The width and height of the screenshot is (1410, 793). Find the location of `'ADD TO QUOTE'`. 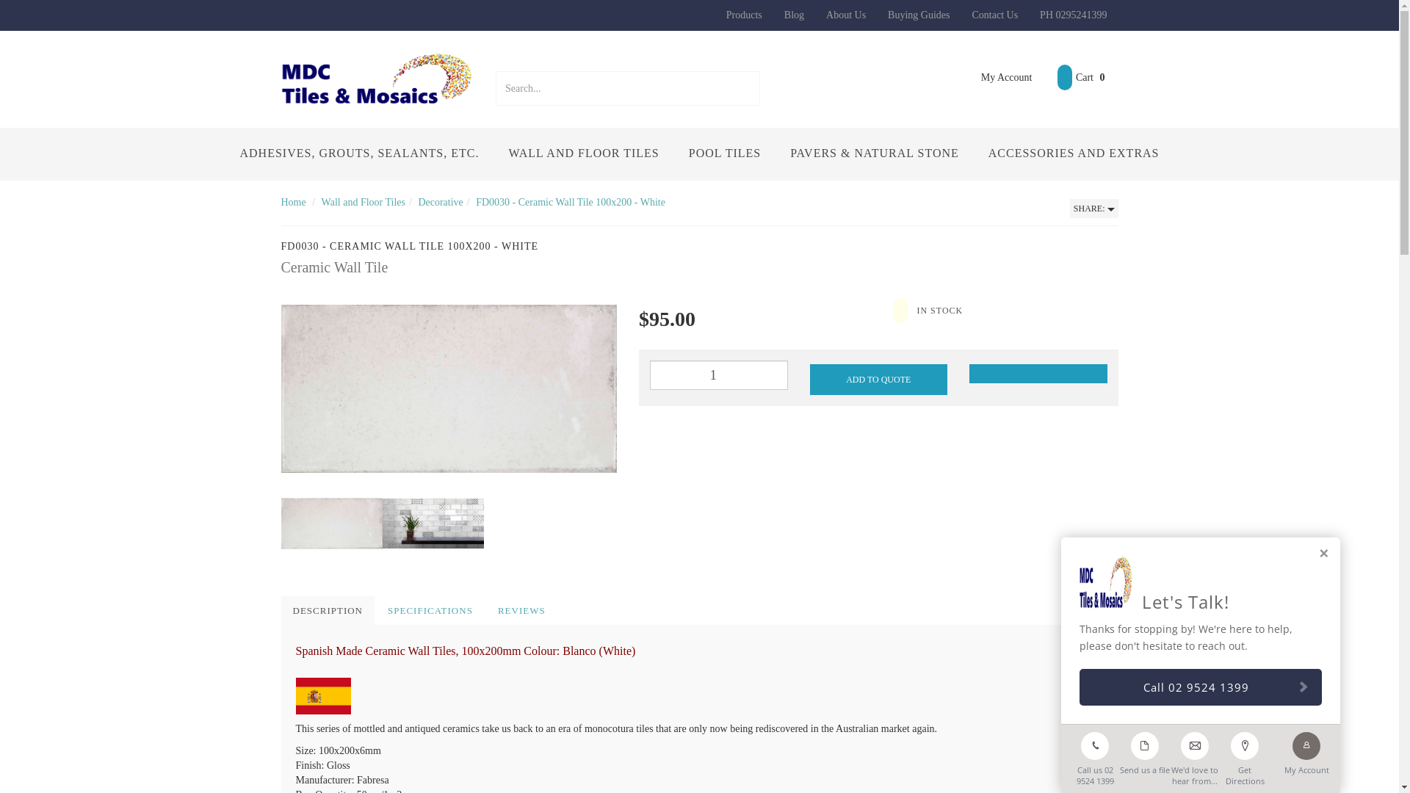

'ADD TO QUOTE' is located at coordinates (809, 378).